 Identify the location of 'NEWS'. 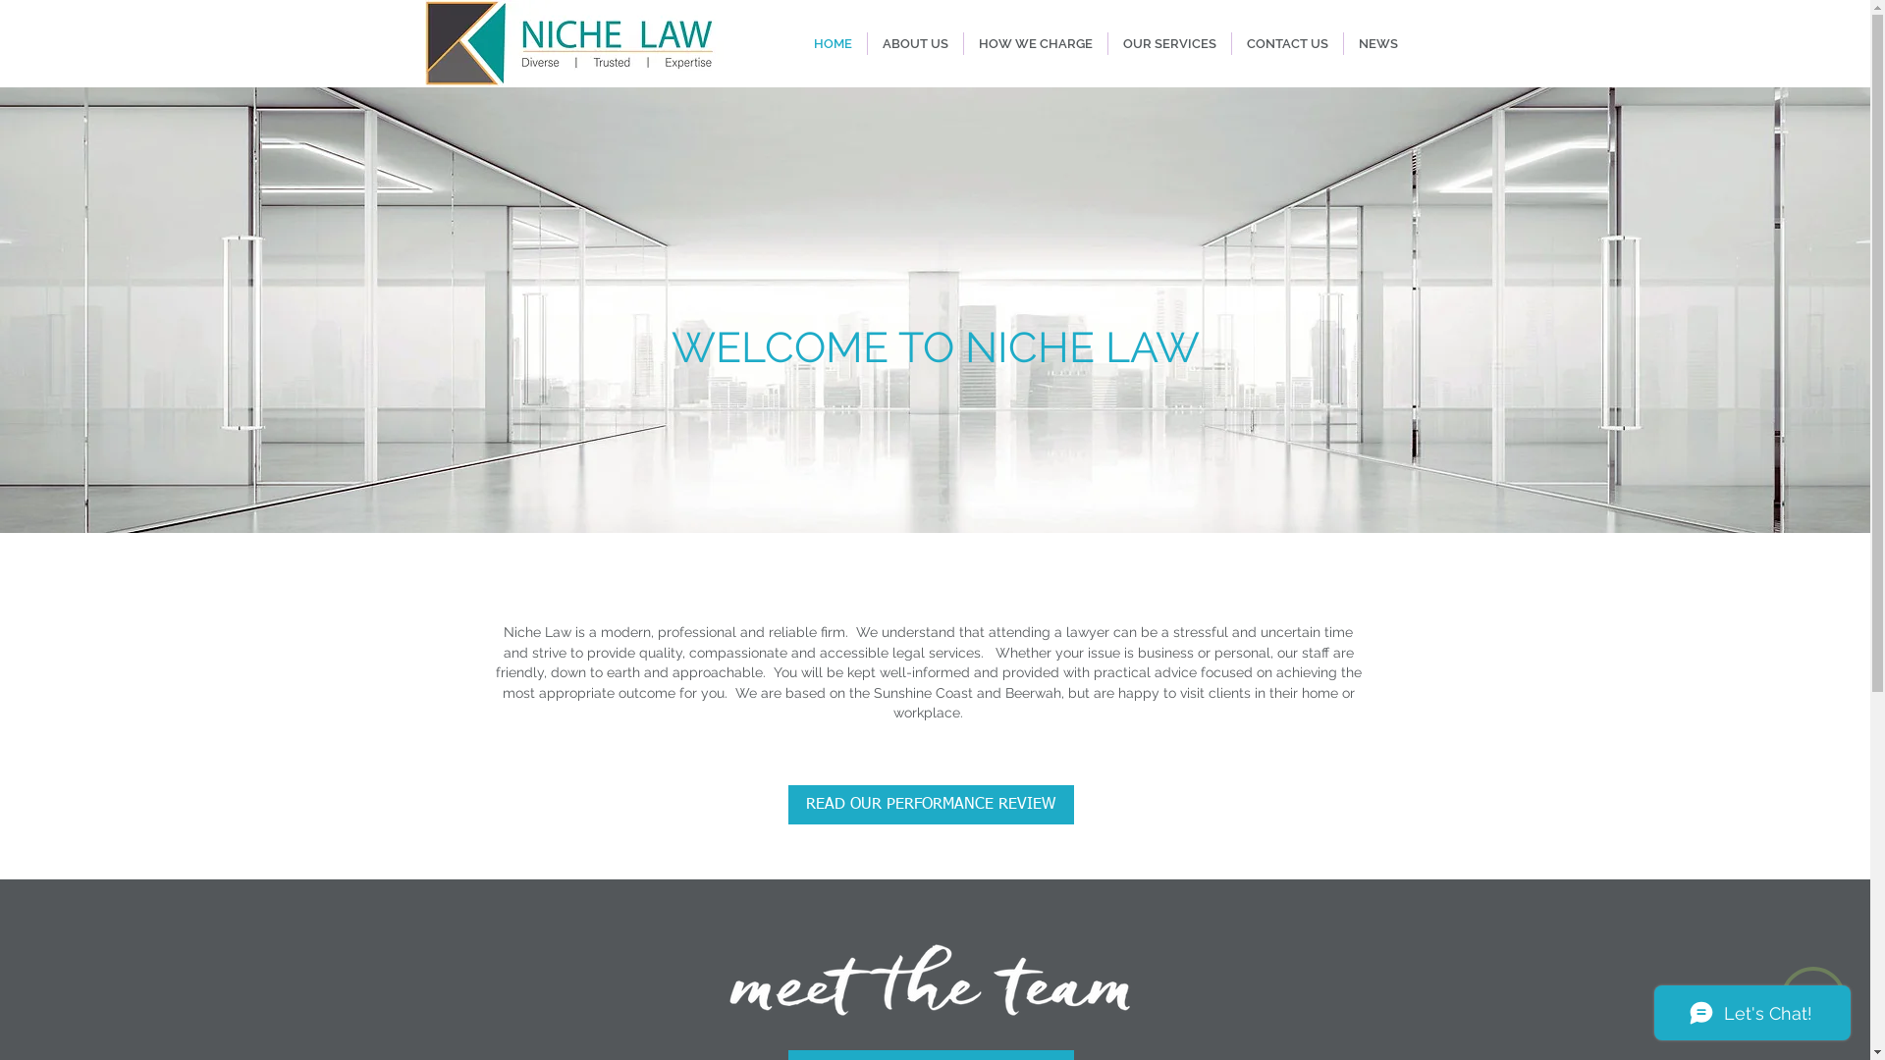
(1342, 43).